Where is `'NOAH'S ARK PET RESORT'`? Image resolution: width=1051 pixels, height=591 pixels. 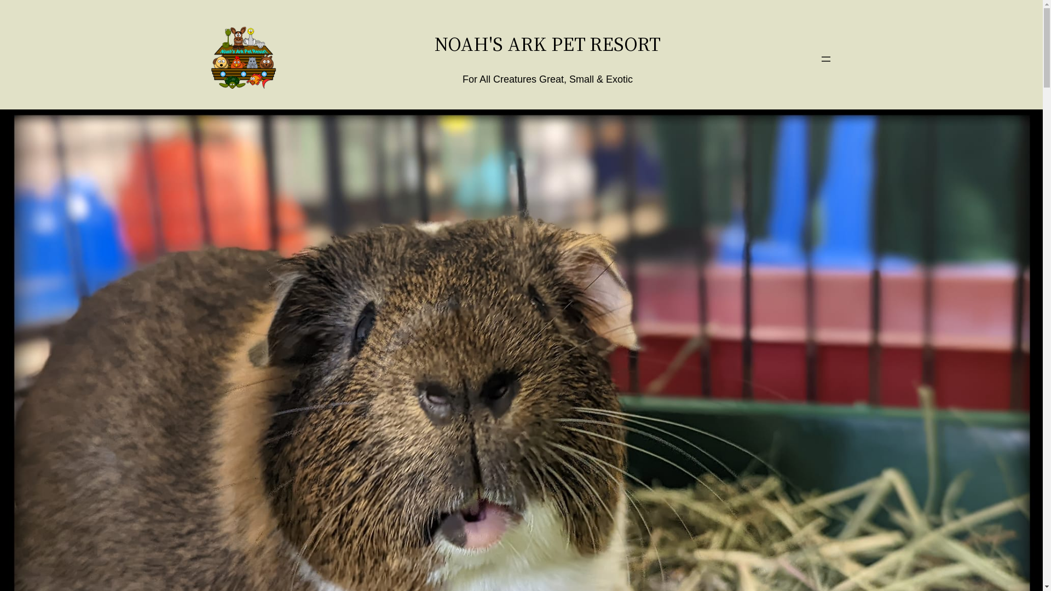
'NOAH'S ARK PET RESORT' is located at coordinates (547, 43).